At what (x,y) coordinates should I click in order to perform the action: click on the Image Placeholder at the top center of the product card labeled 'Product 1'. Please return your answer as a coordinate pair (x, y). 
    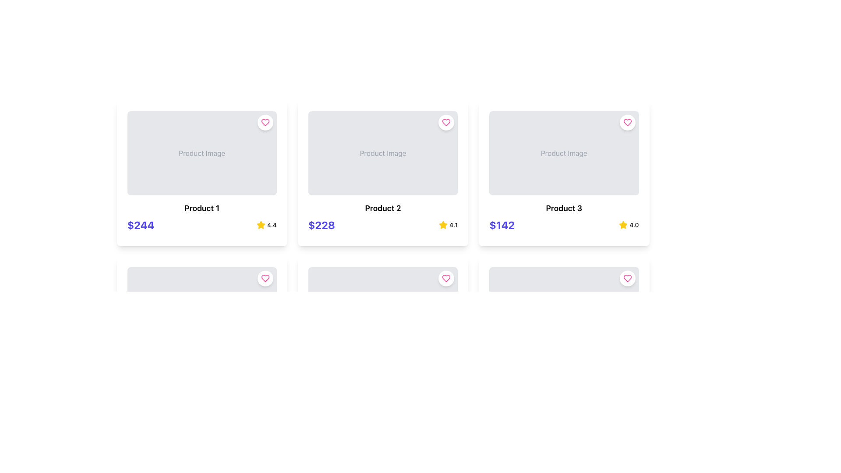
    Looking at the image, I should click on (201, 153).